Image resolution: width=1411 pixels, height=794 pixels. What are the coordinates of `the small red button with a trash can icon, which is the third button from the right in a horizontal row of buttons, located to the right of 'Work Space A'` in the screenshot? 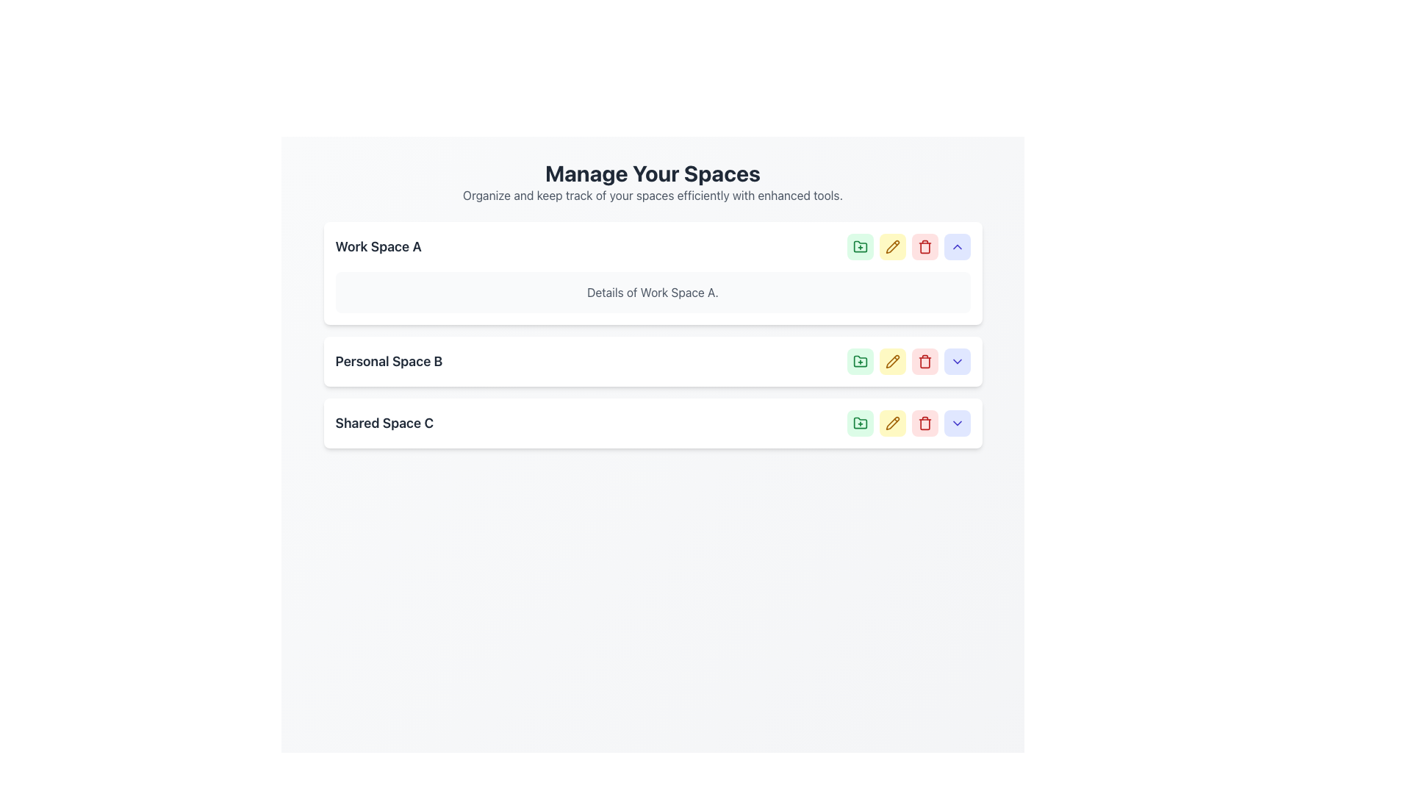 It's located at (924, 362).